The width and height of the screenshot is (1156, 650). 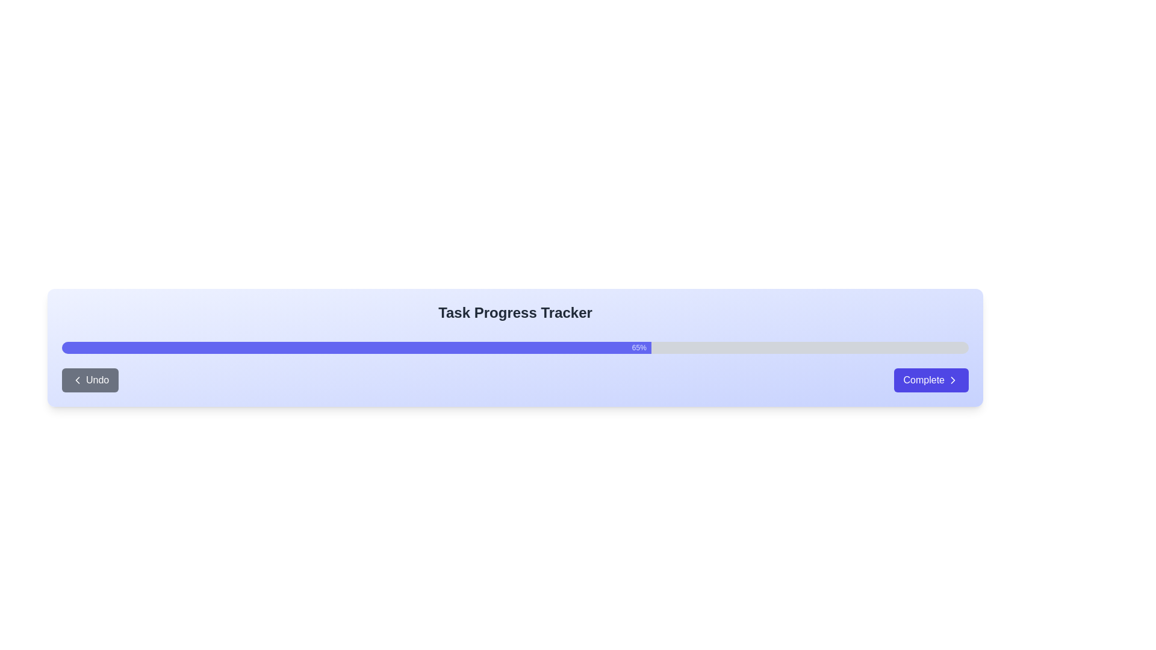 I want to click on the filled portion of the progress bar segment that is styled with a purple background and labeled '65%' at the right end, so click(x=356, y=348).